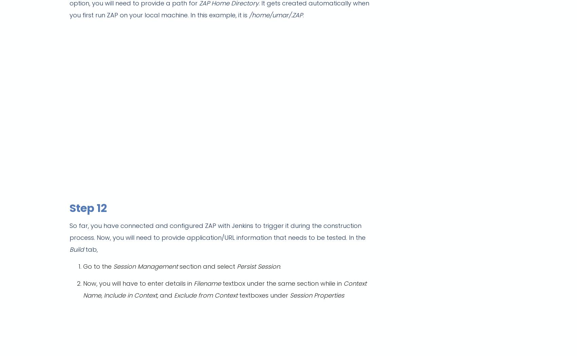  Describe the element at coordinates (218, 232) in the screenshot. I see `'So far, you have connected and configured ZAP with Jenkins to trigger it during the construction process. Now, you will need to provide application/URL information that needs to be tested. In the'` at that location.